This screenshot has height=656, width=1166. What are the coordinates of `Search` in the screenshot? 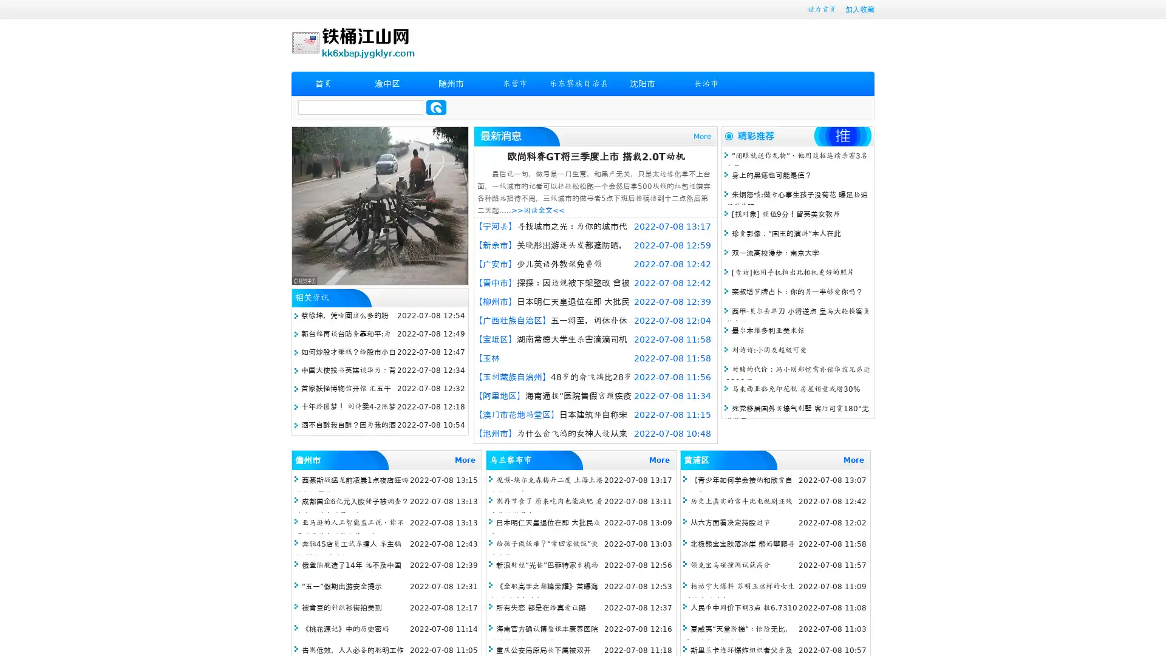 It's located at (436, 107).